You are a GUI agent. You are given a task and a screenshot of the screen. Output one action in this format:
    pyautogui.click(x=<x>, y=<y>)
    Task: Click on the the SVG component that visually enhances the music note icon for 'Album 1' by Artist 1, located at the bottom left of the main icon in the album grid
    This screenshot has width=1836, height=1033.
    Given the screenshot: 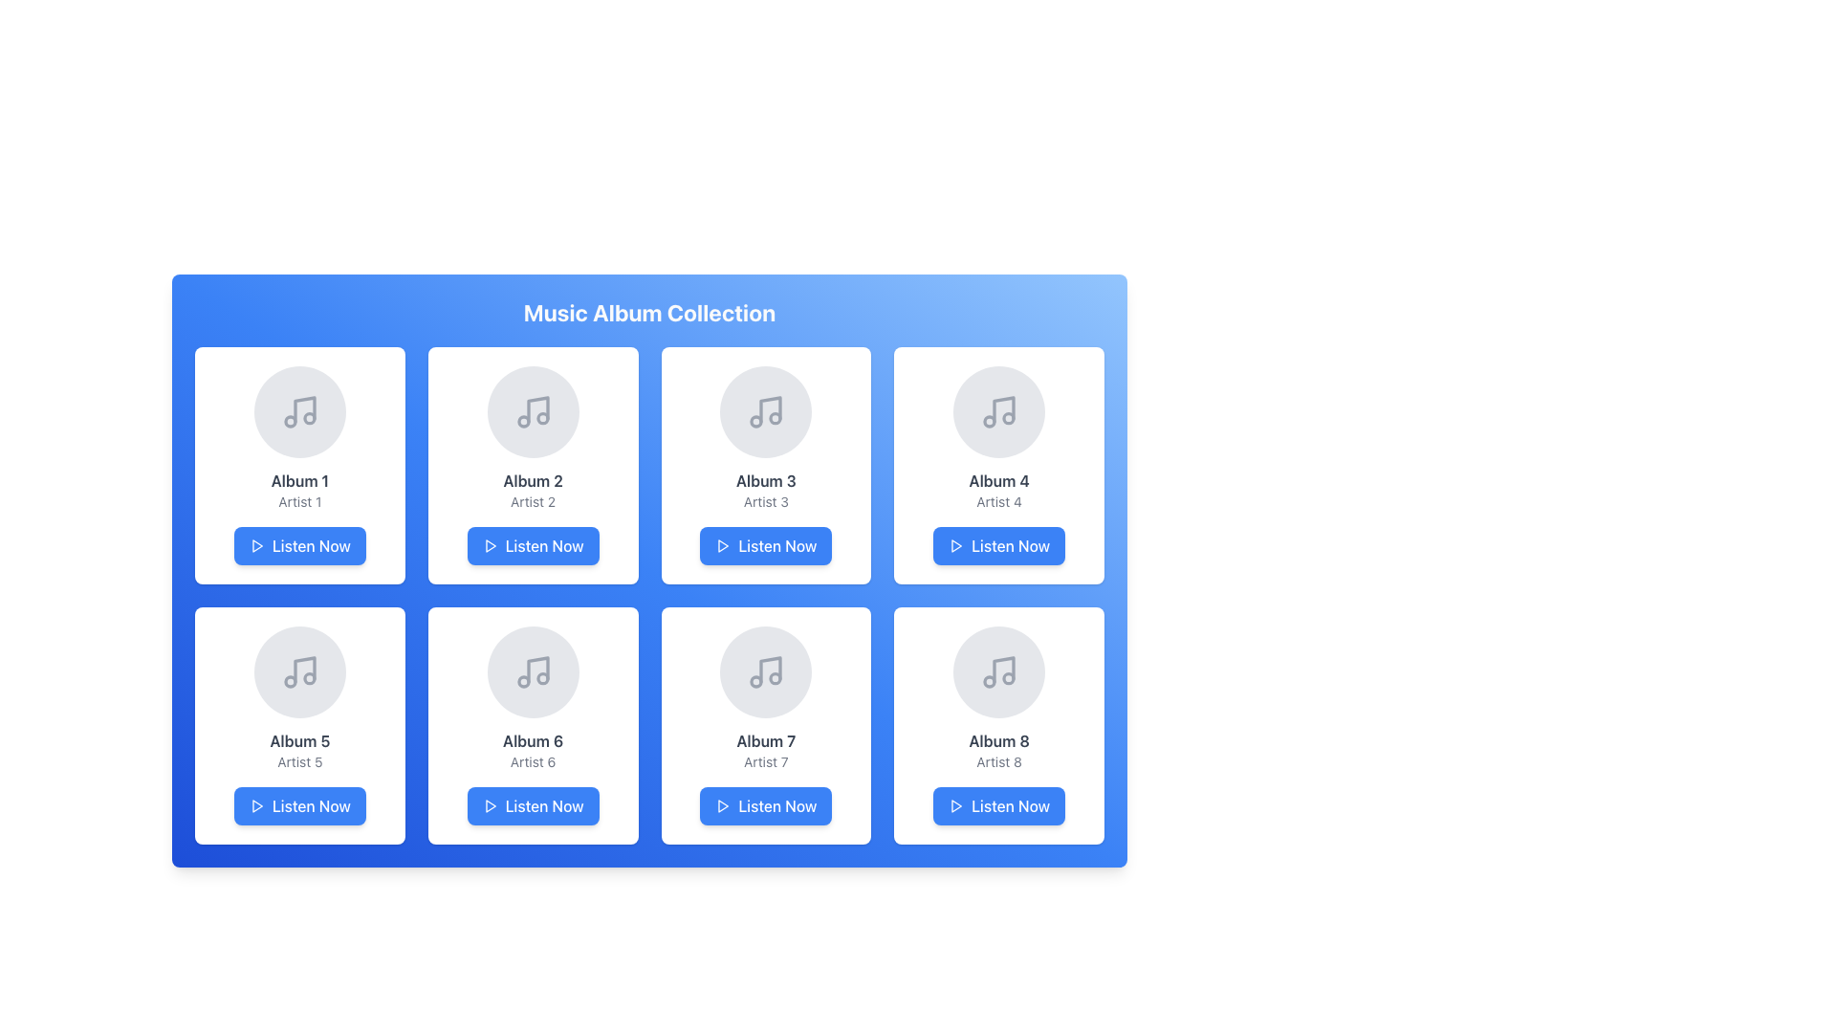 What is the action you would take?
    pyautogui.click(x=289, y=420)
    